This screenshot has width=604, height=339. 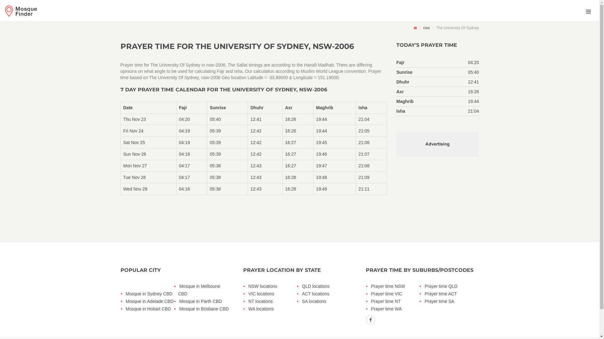 I want to click on 'Mosque in Parth CBD', so click(x=204, y=301).